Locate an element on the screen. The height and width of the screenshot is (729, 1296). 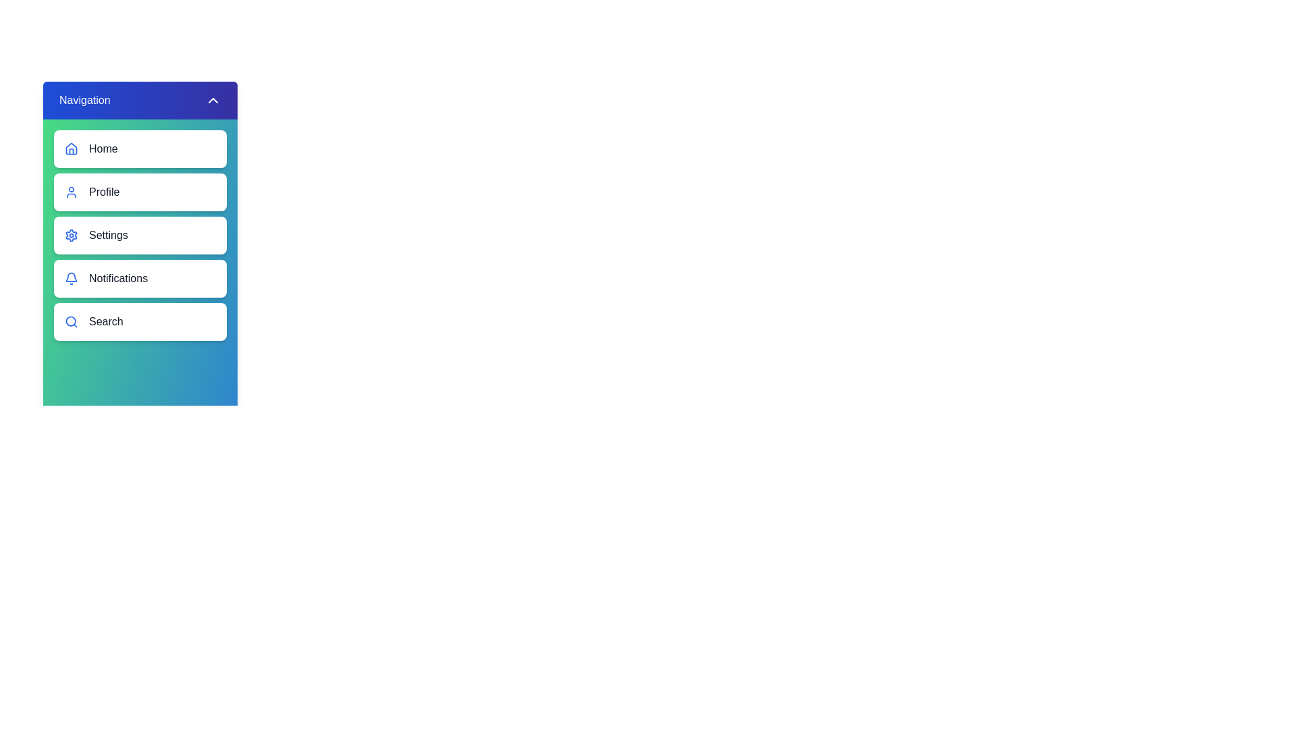
the 'Notifications' button, which is a rectangular button with rounded corners, featuring a bell icon and the text 'Notifications'. It is the fourth item in a vertical navigation list is located at coordinates (140, 277).